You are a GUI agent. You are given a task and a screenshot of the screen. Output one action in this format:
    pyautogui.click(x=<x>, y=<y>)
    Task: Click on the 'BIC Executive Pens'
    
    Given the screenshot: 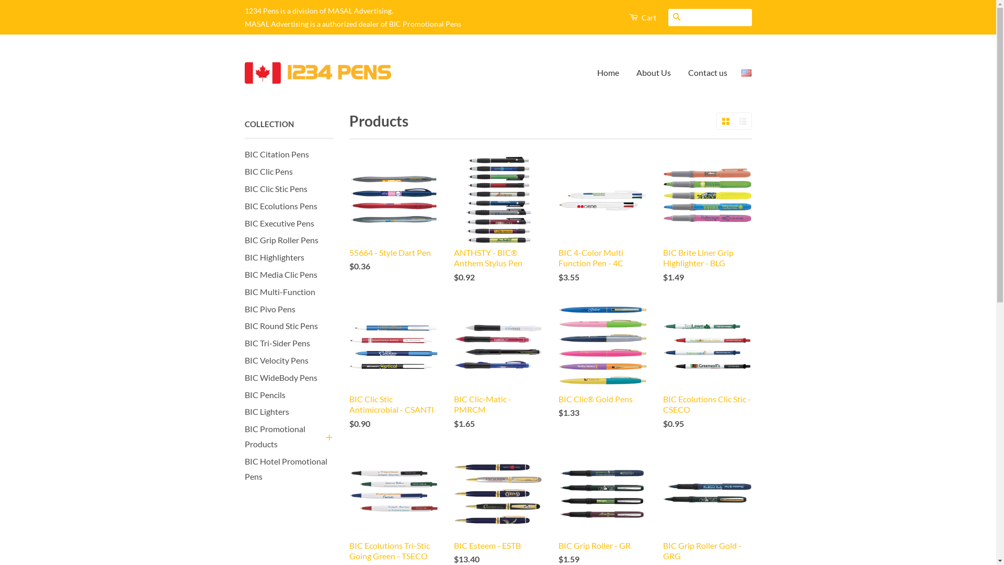 What is the action you would take?
    pyautogui.click(x=279, y=222)
    